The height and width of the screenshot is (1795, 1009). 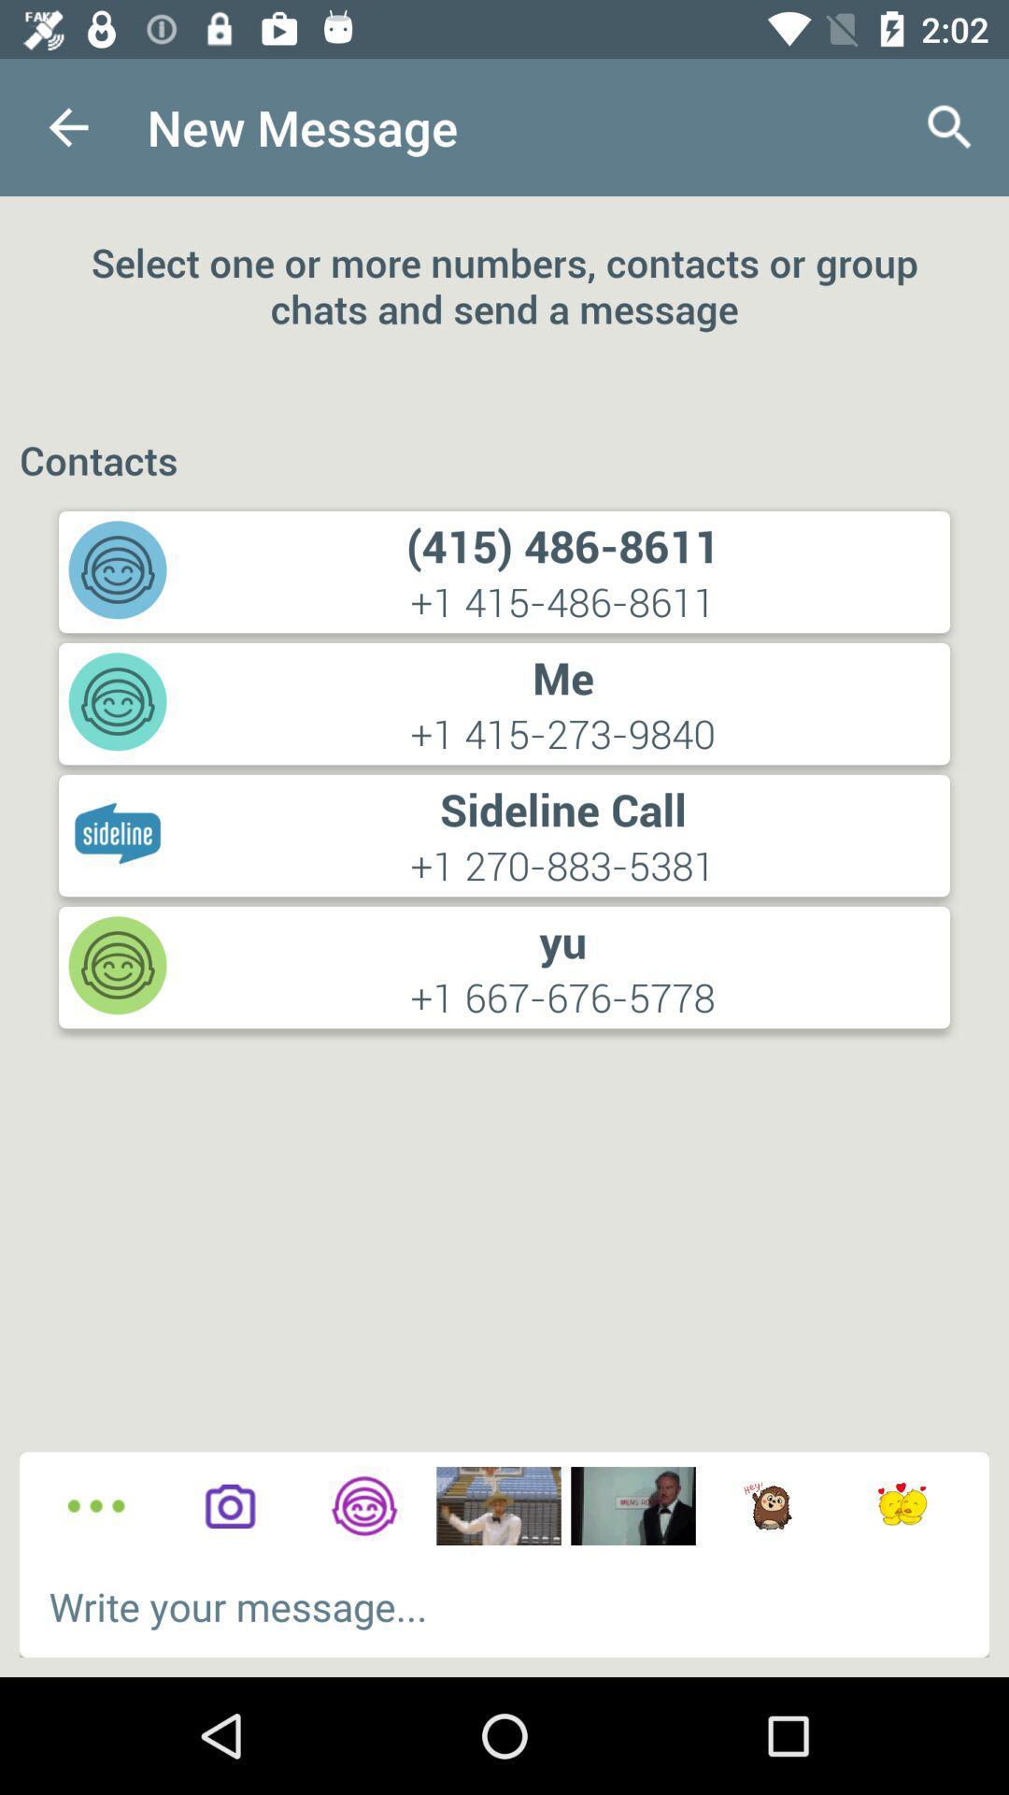 I want to click on to see other options, so click(x=96, y=1506).